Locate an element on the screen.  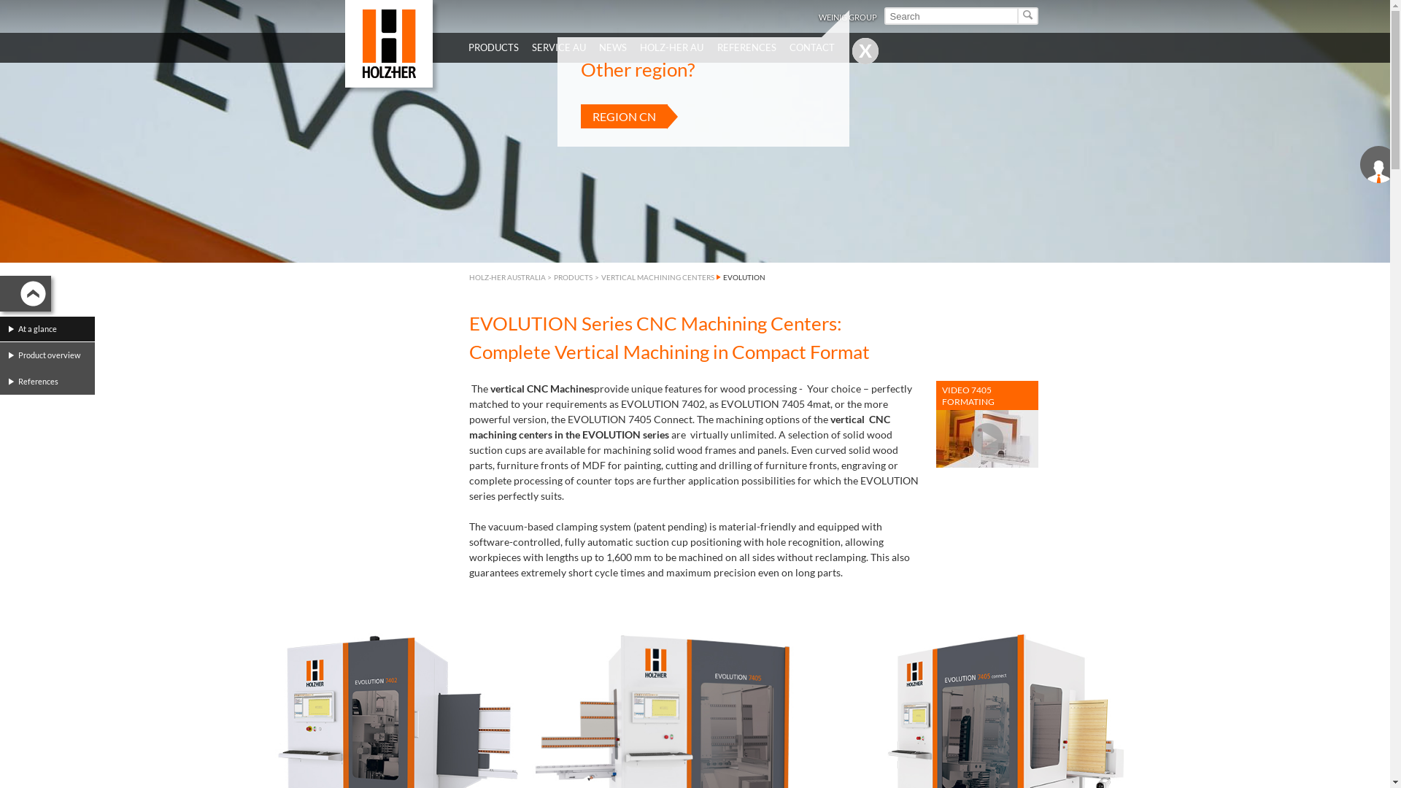
'WEINIG GROUP' is located at coordinates (847, 17).